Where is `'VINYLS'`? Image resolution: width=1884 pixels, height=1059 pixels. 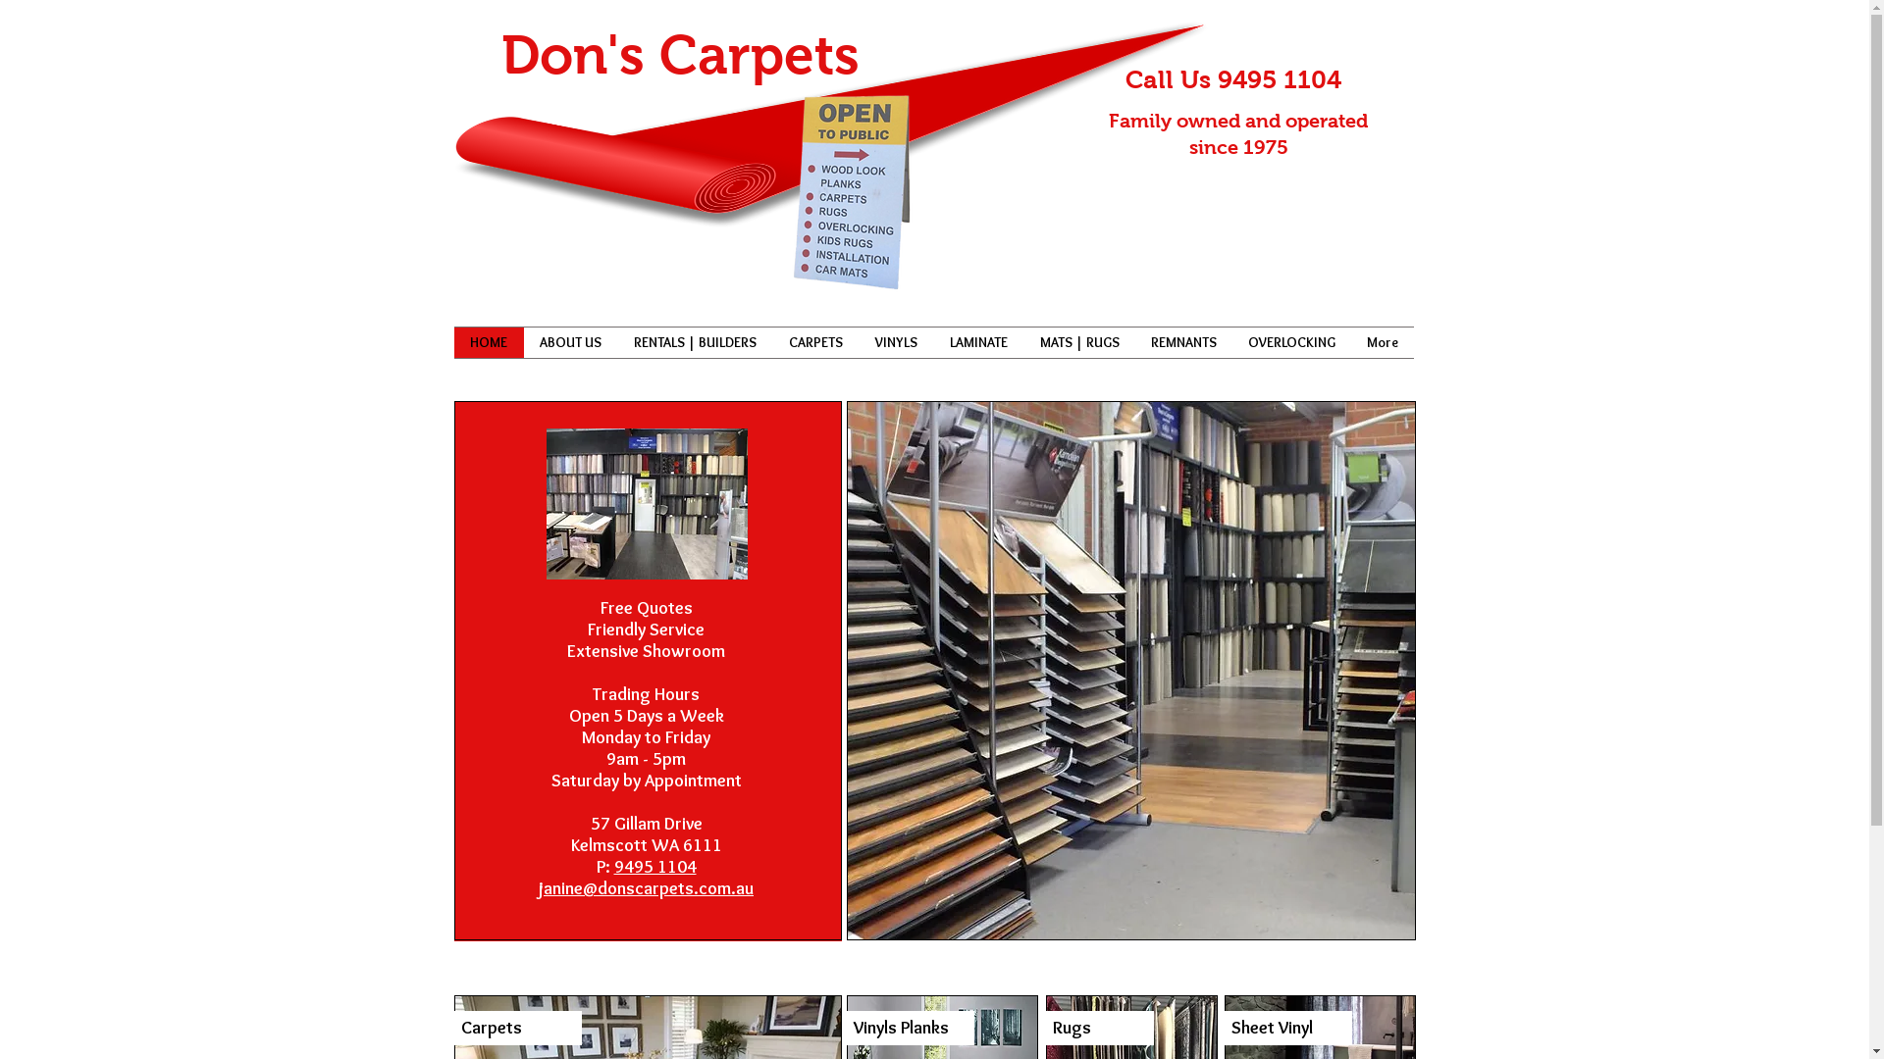
'VINYLS' is located at coordinates (895, 341).